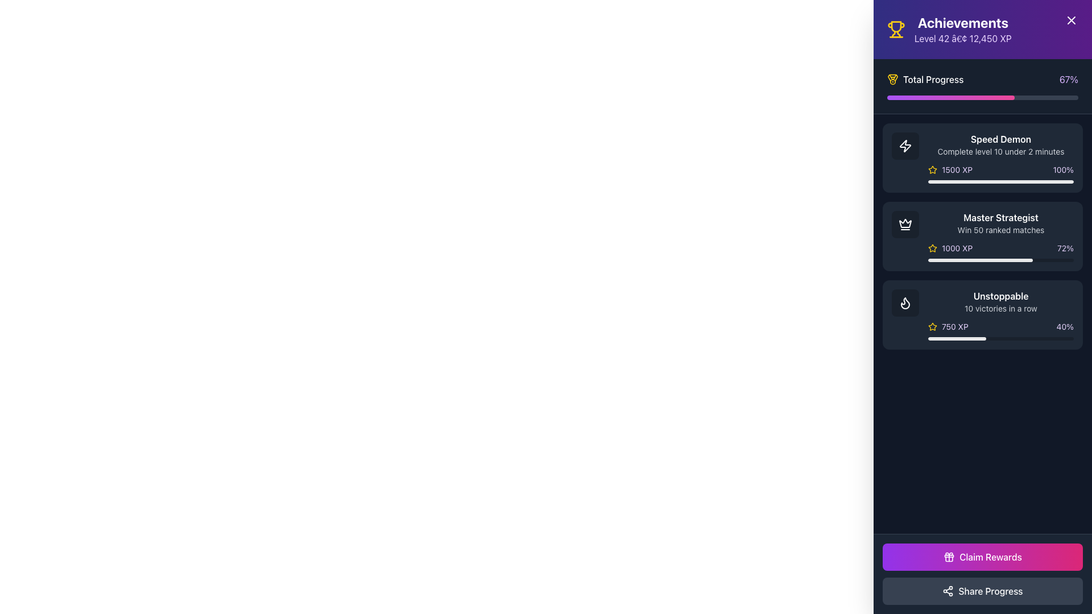  What do you see at coordinates (1062, 170) in the screenshot?
I see `the Text label indicating the completion percentage of the achievement within the 'Speed Demon' card in the Achievements section` at bounding box center [1062, 170].